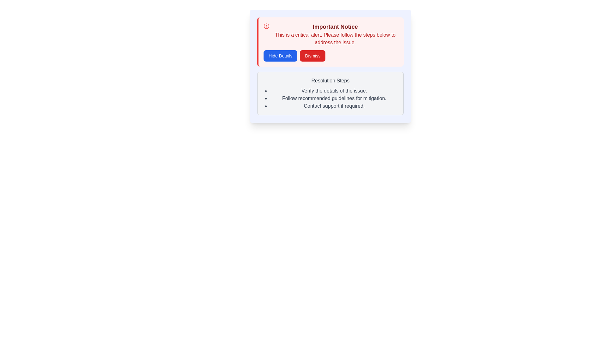 This screenshot has width=606, height=341. I want to click on the red stroked circular graphic that forms the outer boundary of the warning icon, located to the left of the 'Important Notice' text, so click(266, 26).